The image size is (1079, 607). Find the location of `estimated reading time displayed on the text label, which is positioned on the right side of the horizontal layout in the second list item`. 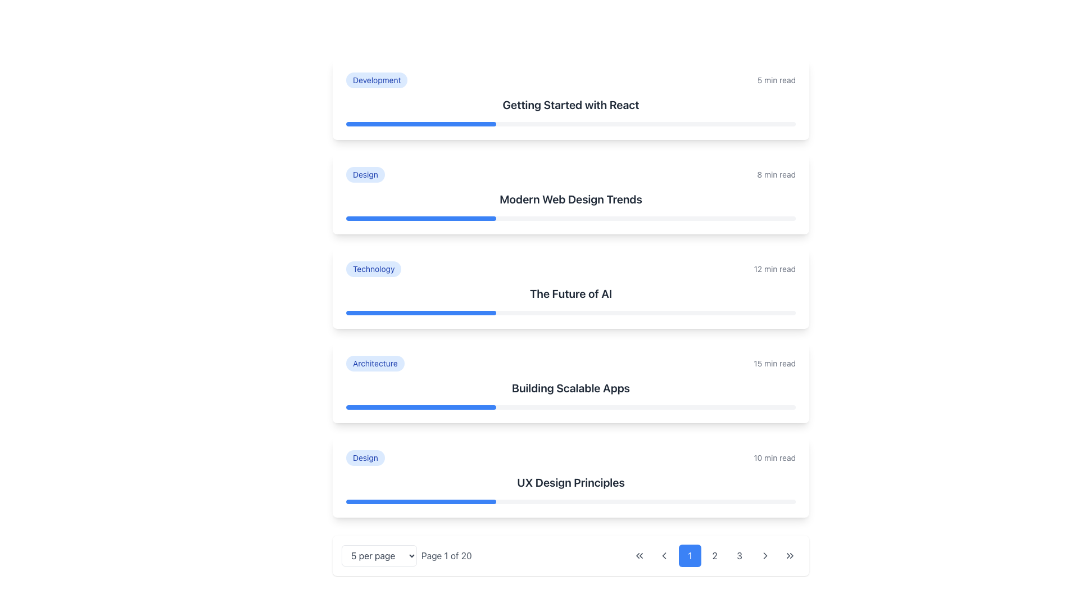

estimated reading time displayed on the text label, which is positioned on the right side of the horizontal layout in the second list item is located at coordinates (776, 175).